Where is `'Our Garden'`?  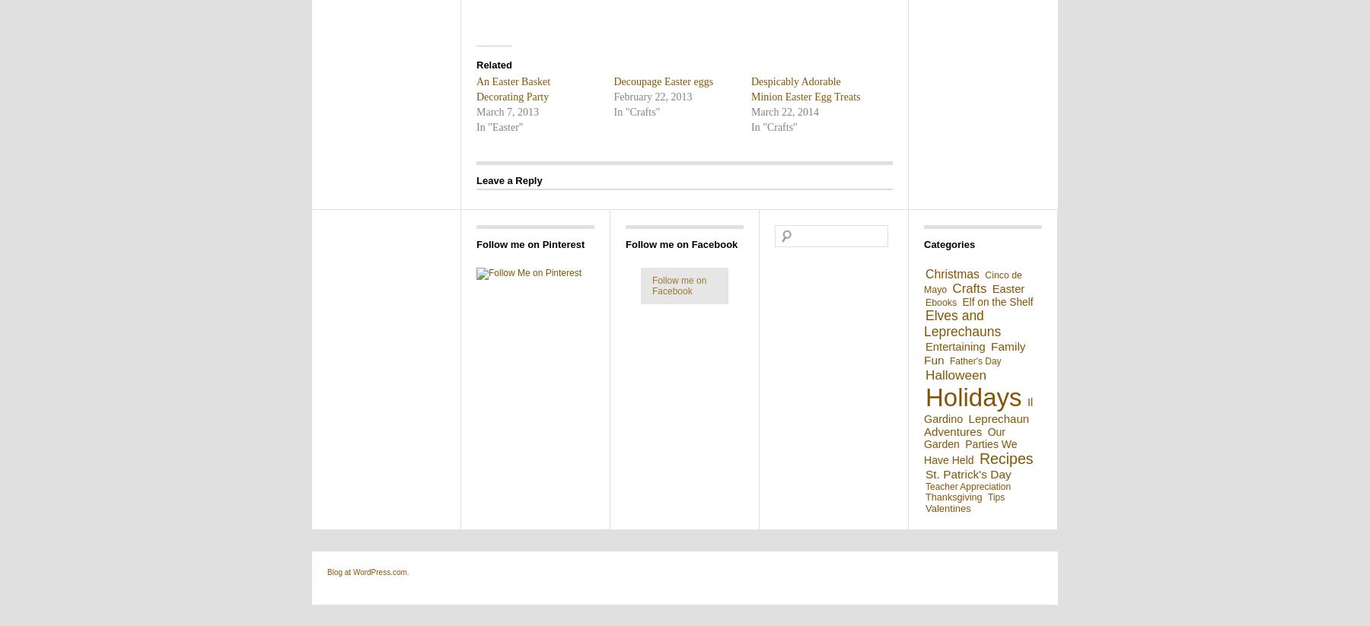
'Our Garden' is located at coordinates (964, 438).